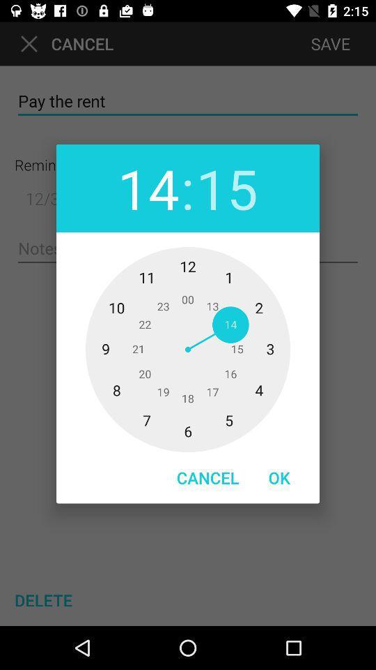 Image resolution: width=376 pixels, height=670 pixels. Describe the element at coordinates (279, 477) in the screenshot. I see `icon next to the cancel item` at that location.